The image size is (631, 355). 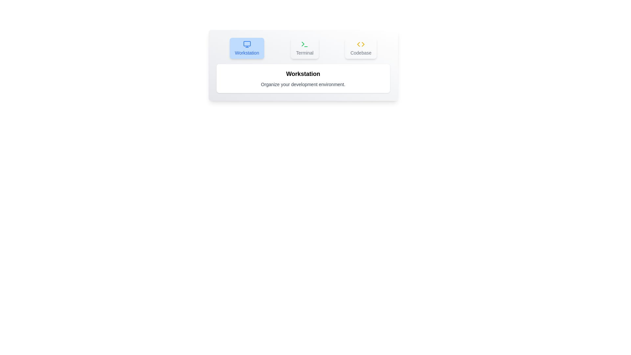 I want to click on the tab labeled Codebase, so click(x=361, y=48).